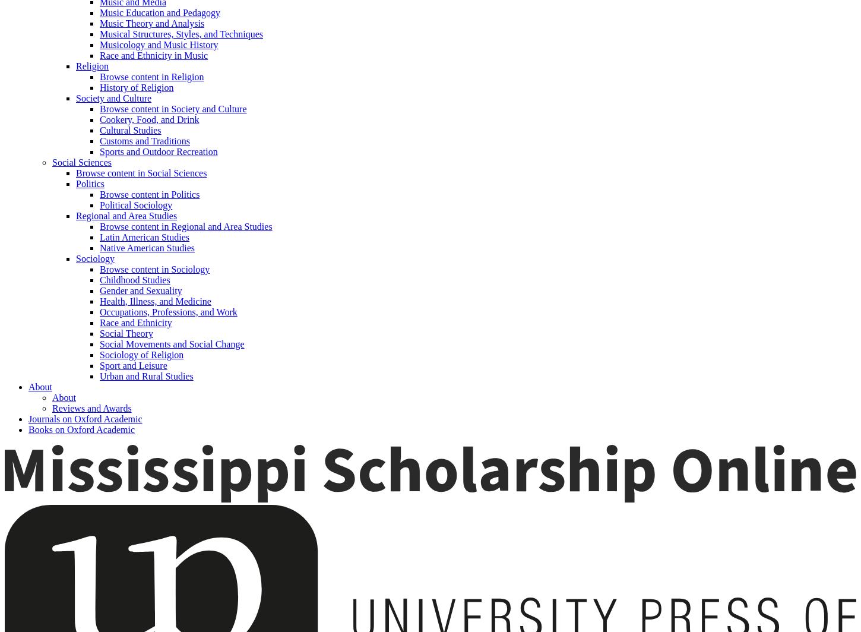 The height and width of the screenshot is (632, 861). Describe the element at coordinates (81, 162) in the screenshot. I see `'Social Sciences'` at that location.